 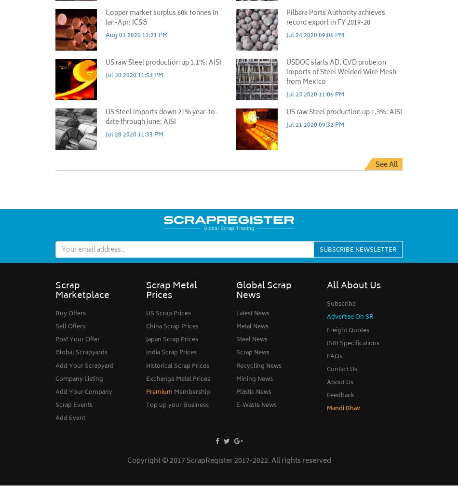 What do you see at coordinates (70, 313) in the screenshot?
I see `'Buy Offers'` at bounding box center [70, 313].